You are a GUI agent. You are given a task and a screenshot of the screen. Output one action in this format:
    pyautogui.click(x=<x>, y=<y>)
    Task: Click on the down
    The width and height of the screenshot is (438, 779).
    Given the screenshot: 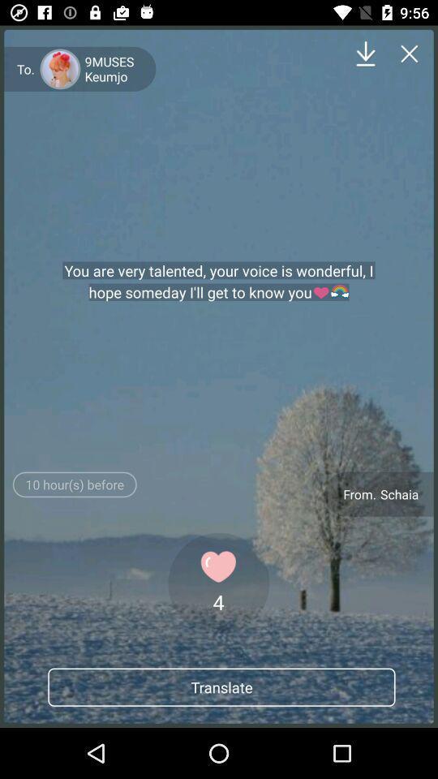 What is the action you would take?
    pyautogui.click(x=366, y=54)
    